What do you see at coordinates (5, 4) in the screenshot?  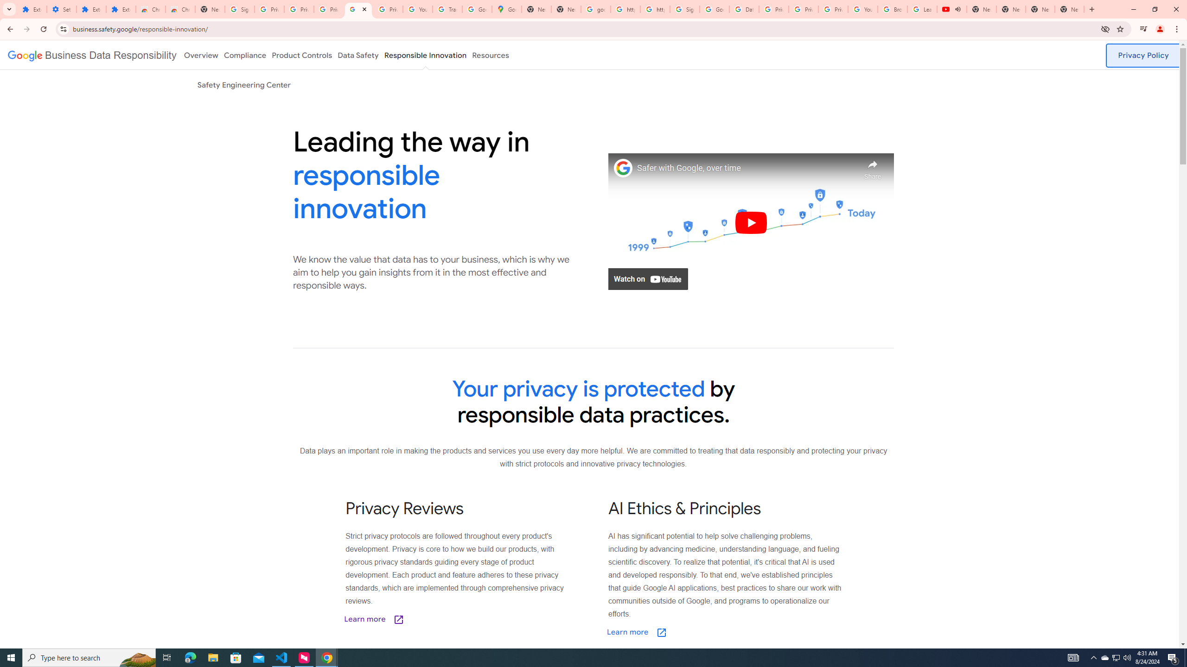 I see `'System'` at bounding box center [5, 4].